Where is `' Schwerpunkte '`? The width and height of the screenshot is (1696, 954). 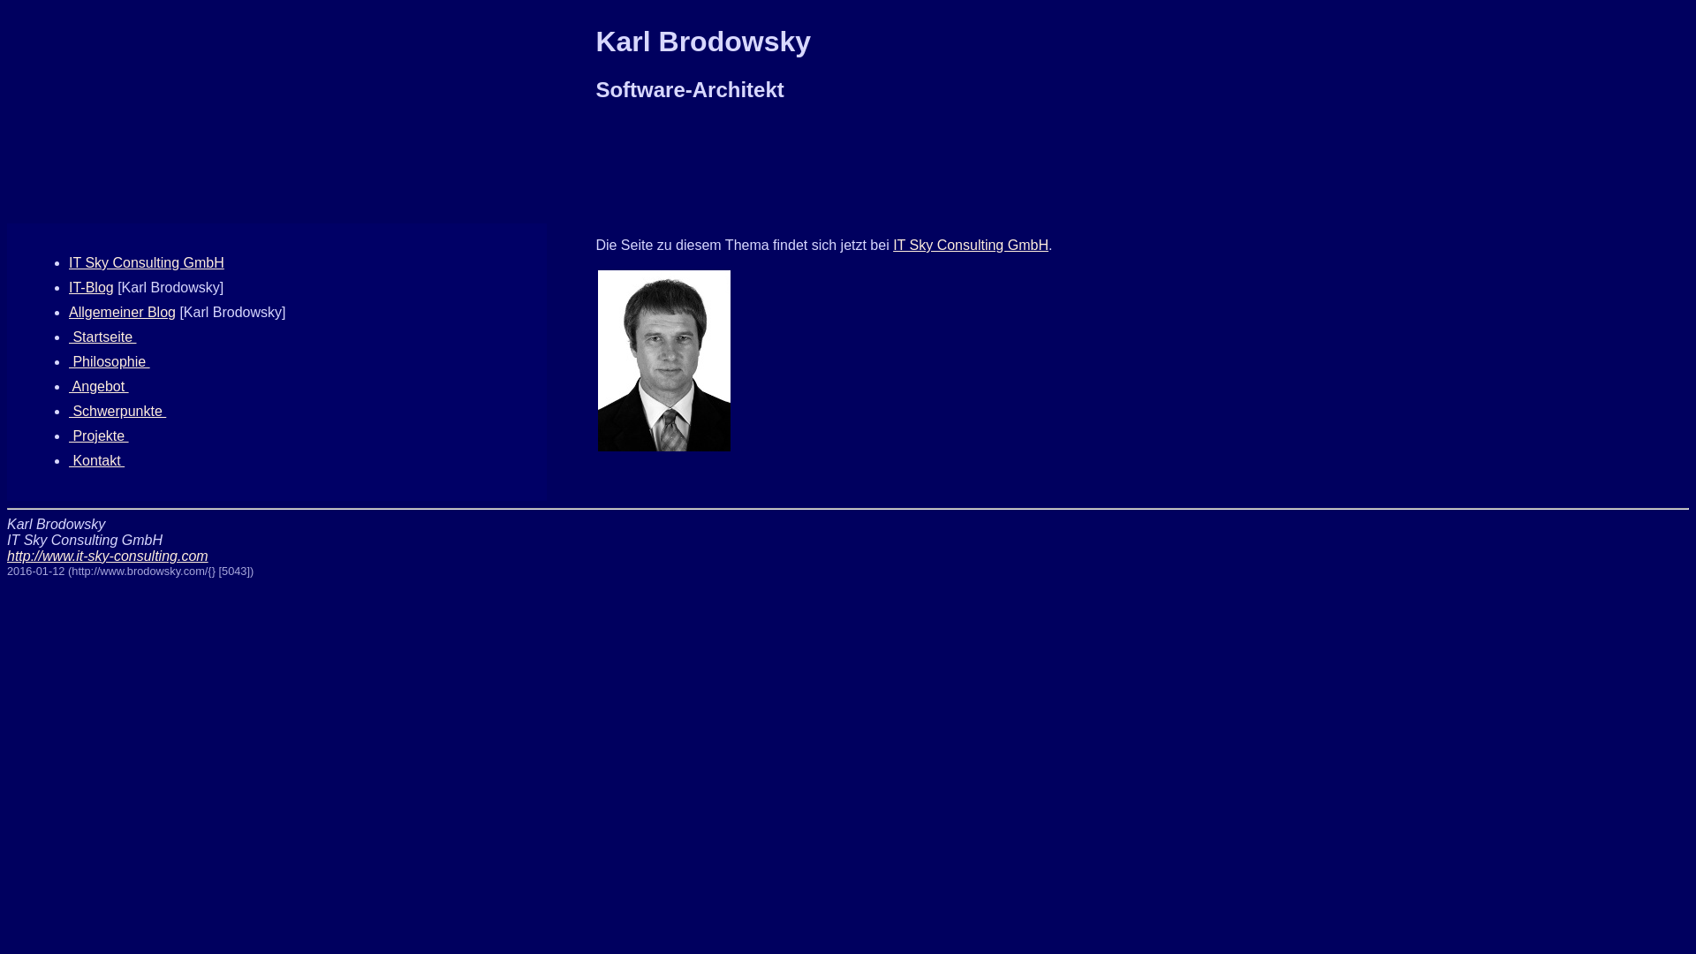 ' Schwerpunkte ' is located at coordinates (117, 411).